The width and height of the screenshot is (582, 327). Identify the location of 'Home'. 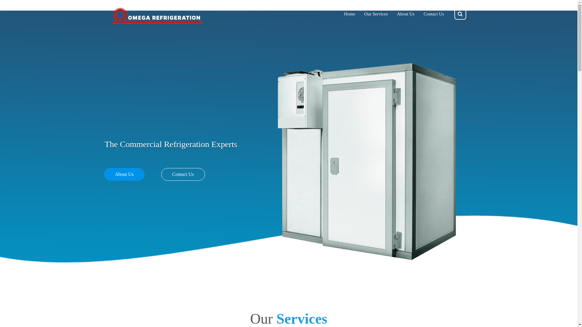
(350, 14).